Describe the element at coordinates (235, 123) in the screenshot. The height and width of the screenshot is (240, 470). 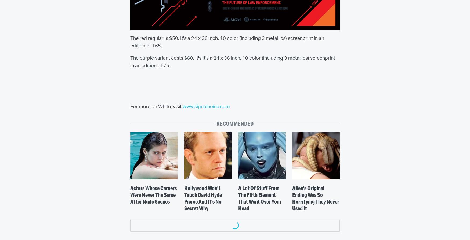
I see `'Recommended'` at that location.